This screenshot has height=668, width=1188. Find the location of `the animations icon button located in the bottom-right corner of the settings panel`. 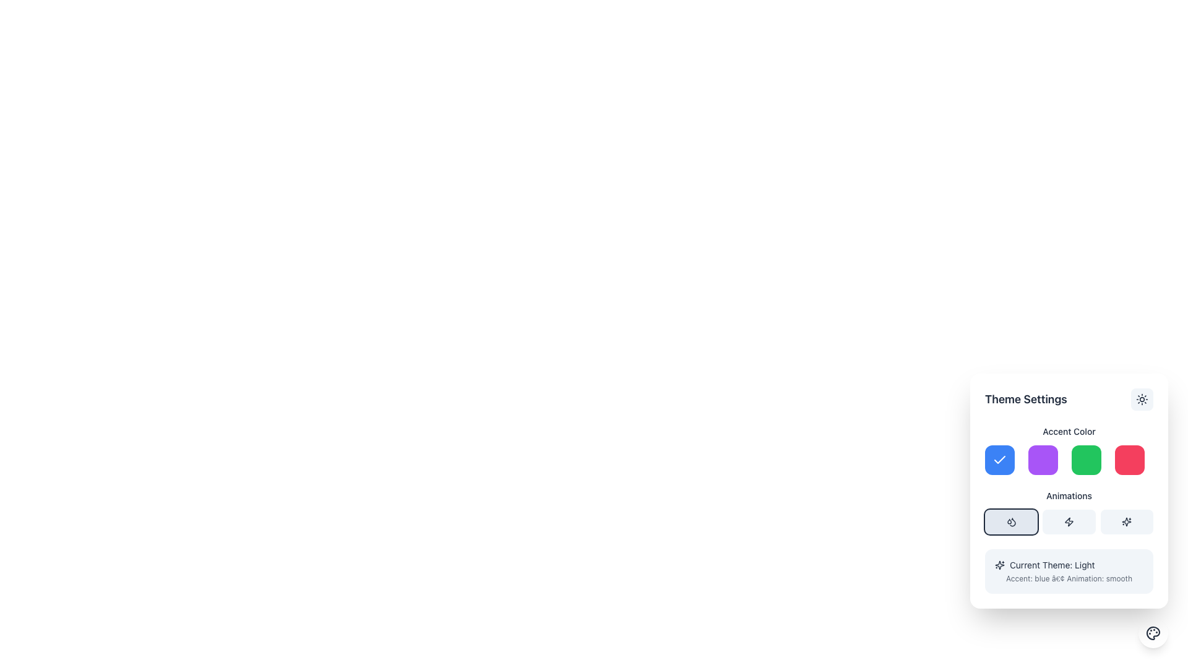

the animations icon button located in the bottom-right corner of the settings panel is located at coordinates (1126, 522).